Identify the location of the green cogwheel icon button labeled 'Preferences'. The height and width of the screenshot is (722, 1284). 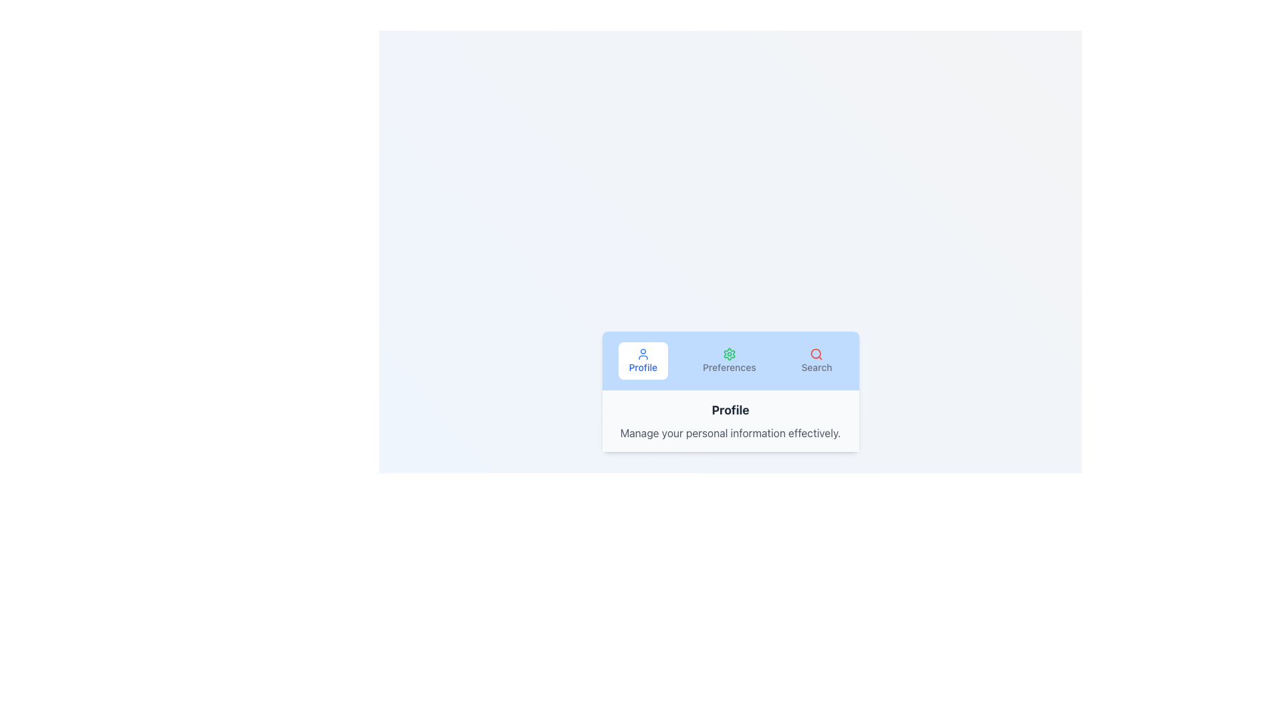
(728, 361).